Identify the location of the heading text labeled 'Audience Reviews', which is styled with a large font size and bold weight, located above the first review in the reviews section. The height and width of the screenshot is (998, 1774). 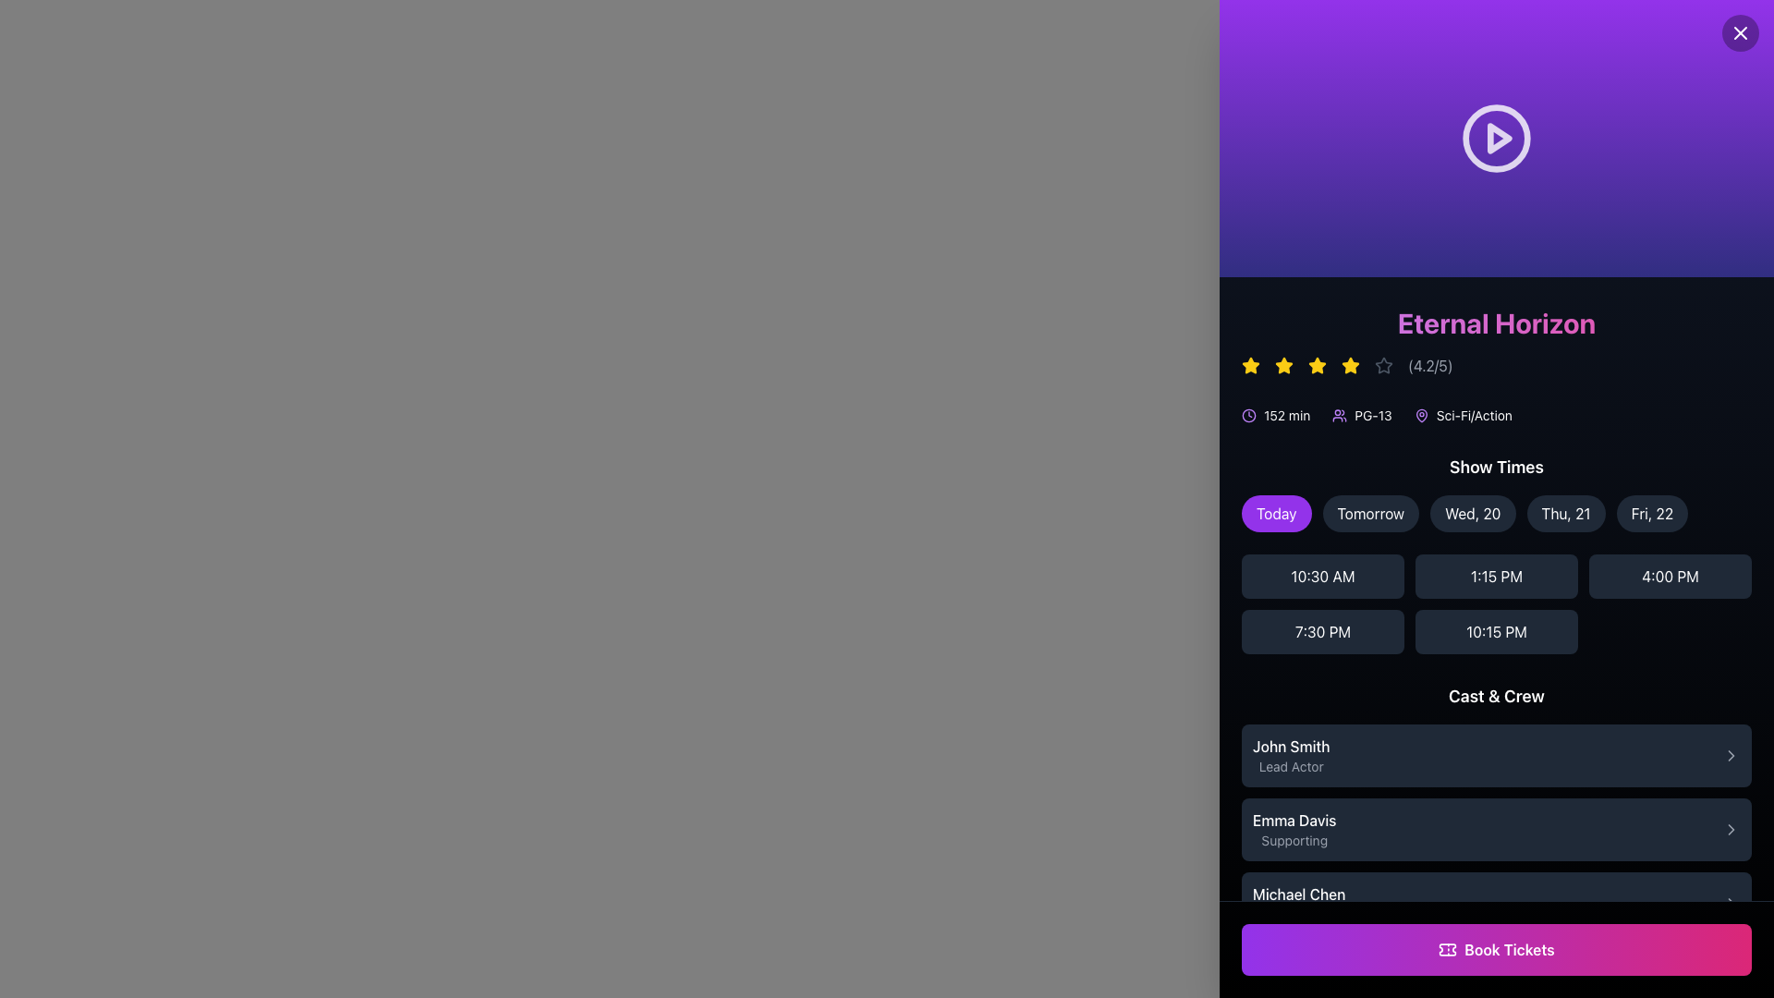
(1497, 976).